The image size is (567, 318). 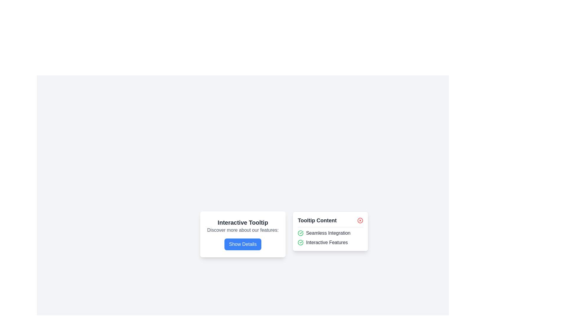 What do you see at coordinates (301, 233) in the screenshot?
I see `the confirmation icon that represents a successful state, positioned to the left of the 'Seamless Integration' text` at bounding box center [301, 233].